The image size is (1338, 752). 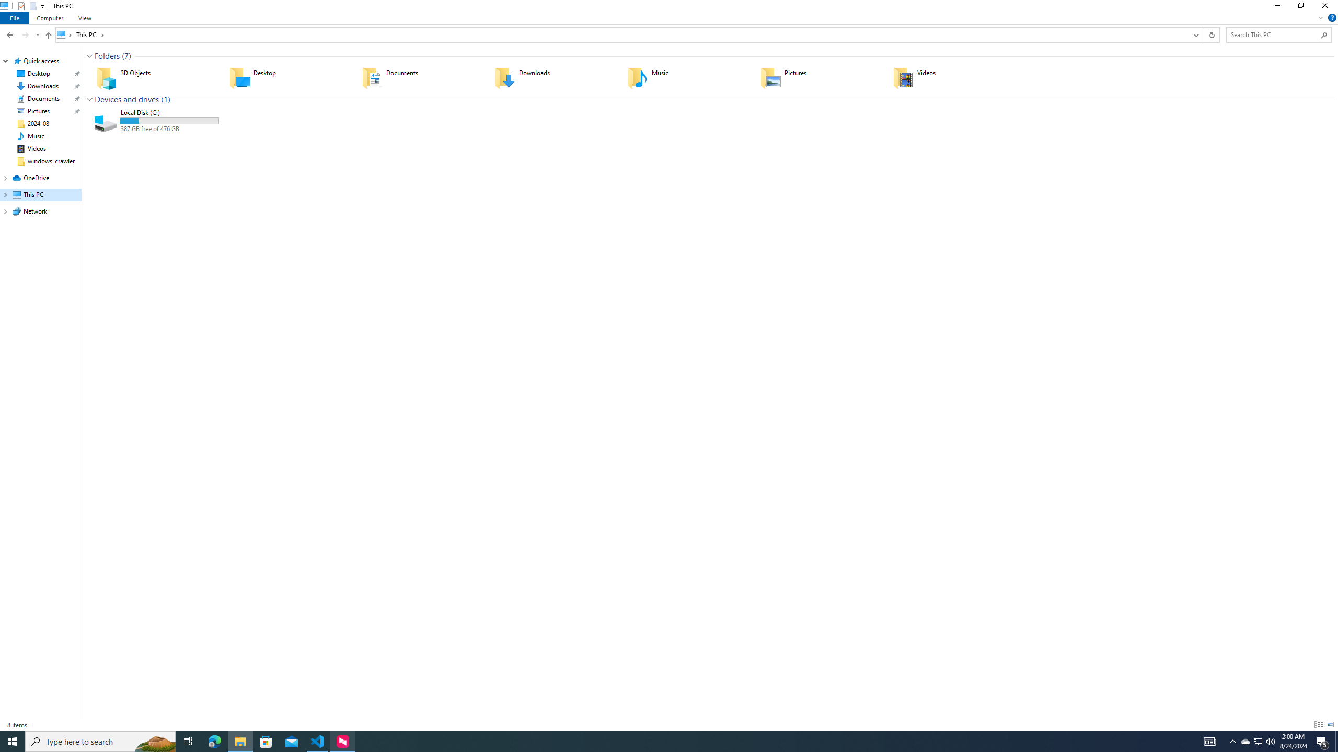 What do you see at coordinates (49, 36) in the screenshot?
I see `'Up band toolbar'` at bounding box center [49, 36].